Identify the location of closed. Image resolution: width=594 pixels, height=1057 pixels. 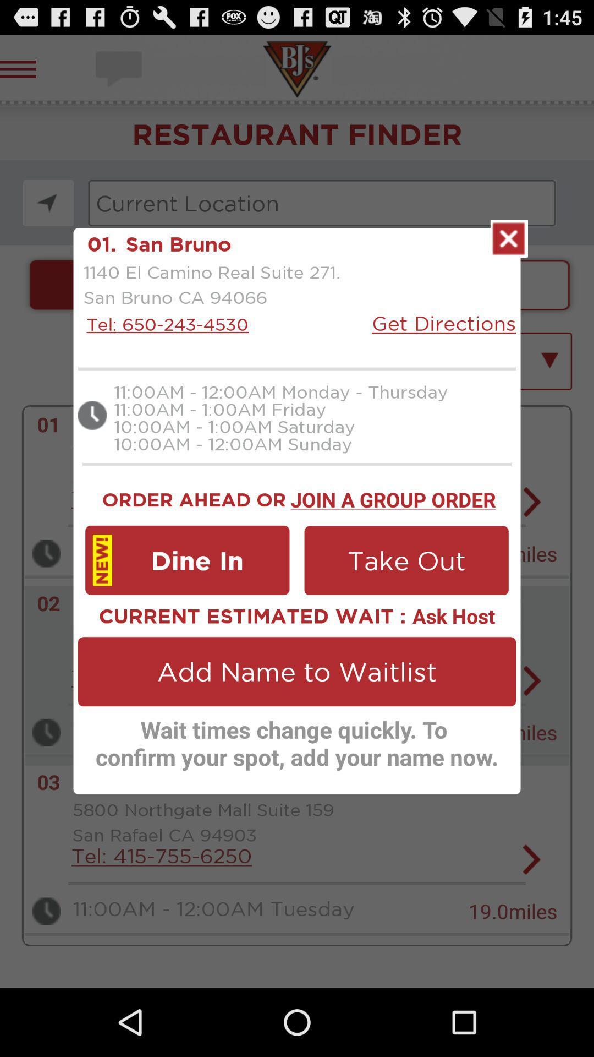
(509, 238).